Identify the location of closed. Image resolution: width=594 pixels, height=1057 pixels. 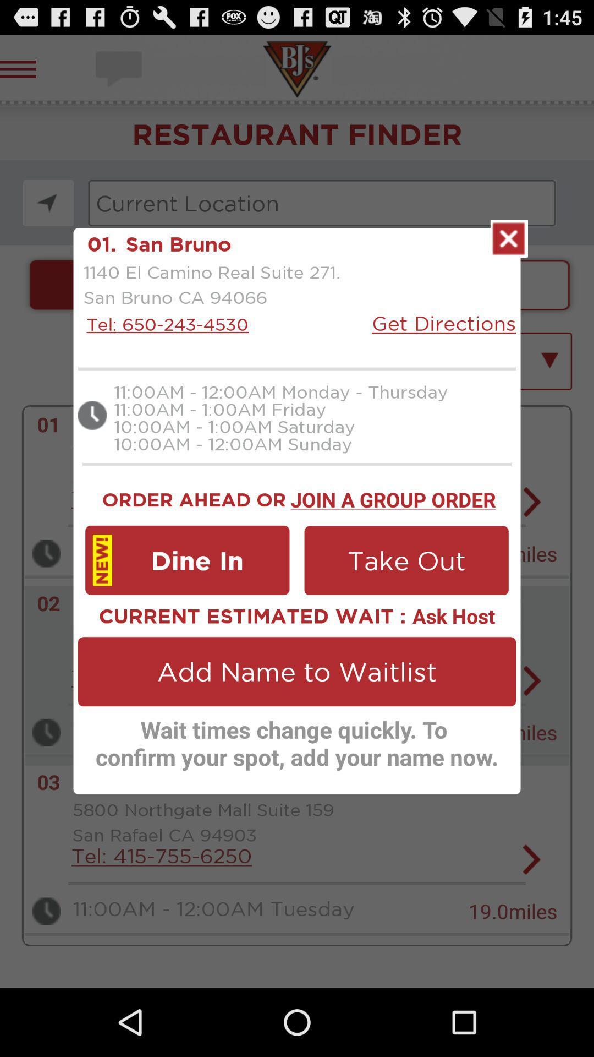
(509, 238).